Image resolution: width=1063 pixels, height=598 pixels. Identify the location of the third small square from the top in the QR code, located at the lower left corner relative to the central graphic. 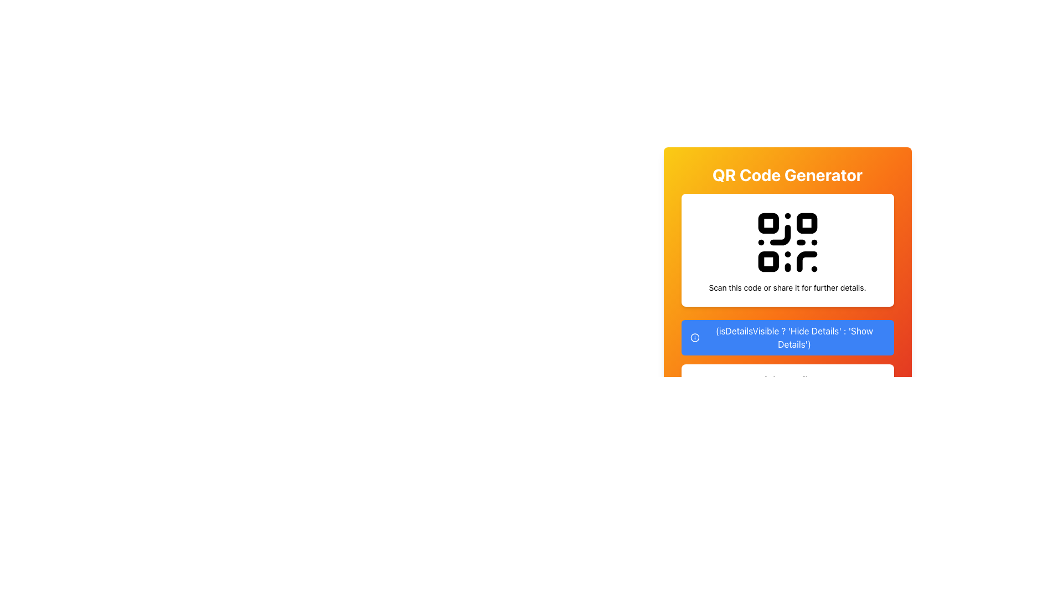
(767, 261).